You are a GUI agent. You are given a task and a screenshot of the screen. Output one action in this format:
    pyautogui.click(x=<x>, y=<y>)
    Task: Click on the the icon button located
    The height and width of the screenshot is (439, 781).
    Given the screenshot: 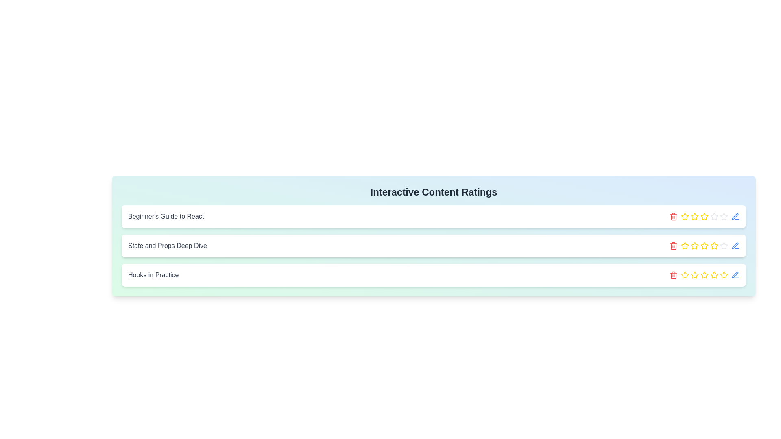 What is the action you would take?
    pyautogui.click(x=735, y=275)
    